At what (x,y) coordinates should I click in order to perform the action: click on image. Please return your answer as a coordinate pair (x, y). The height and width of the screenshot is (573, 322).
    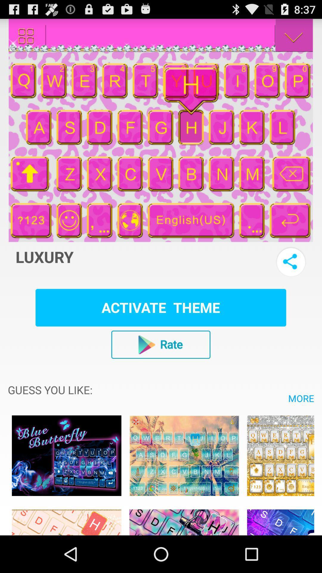
    Looking at the image, I should click on (66, 519).